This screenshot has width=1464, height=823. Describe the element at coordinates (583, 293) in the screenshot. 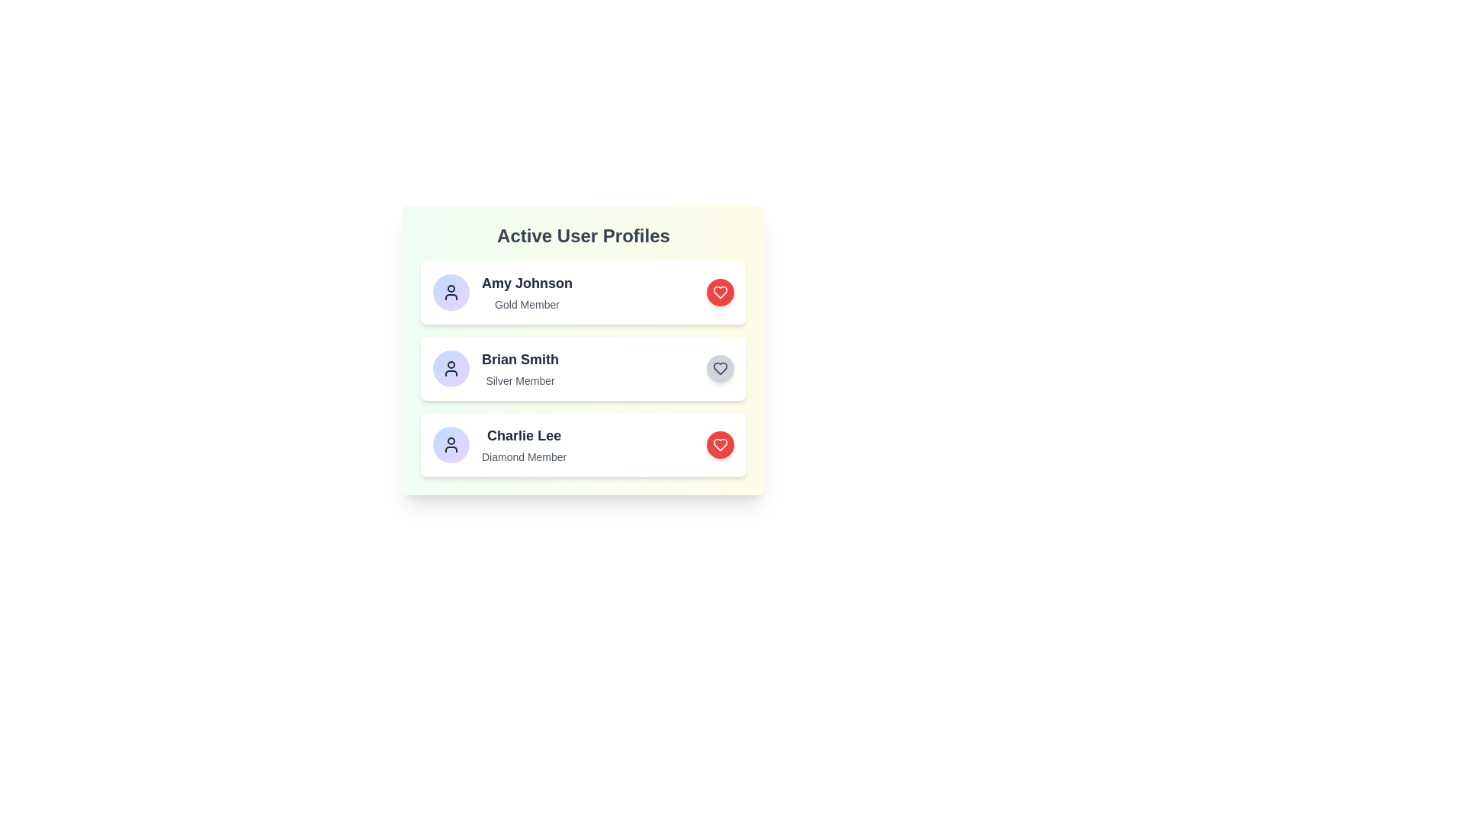

I see `the user's profile card located at the top of the vertically stacked list` at that location.